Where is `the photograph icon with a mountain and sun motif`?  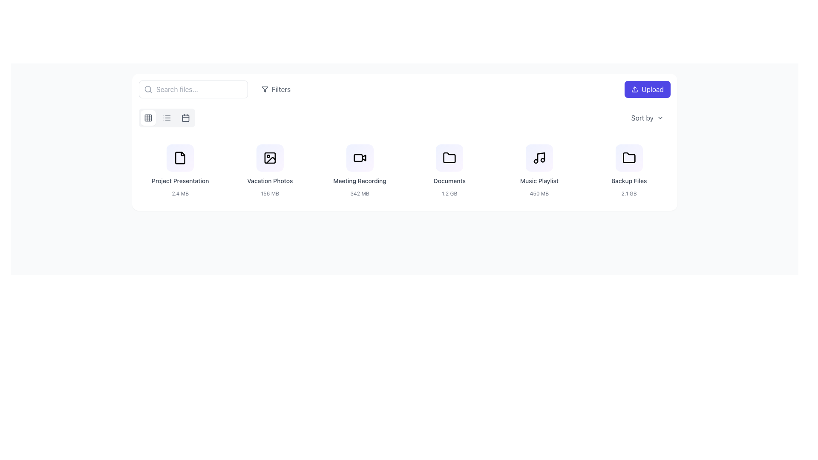 the photograph icon with a mountain and sun motif is located at coordinates (269, 158).